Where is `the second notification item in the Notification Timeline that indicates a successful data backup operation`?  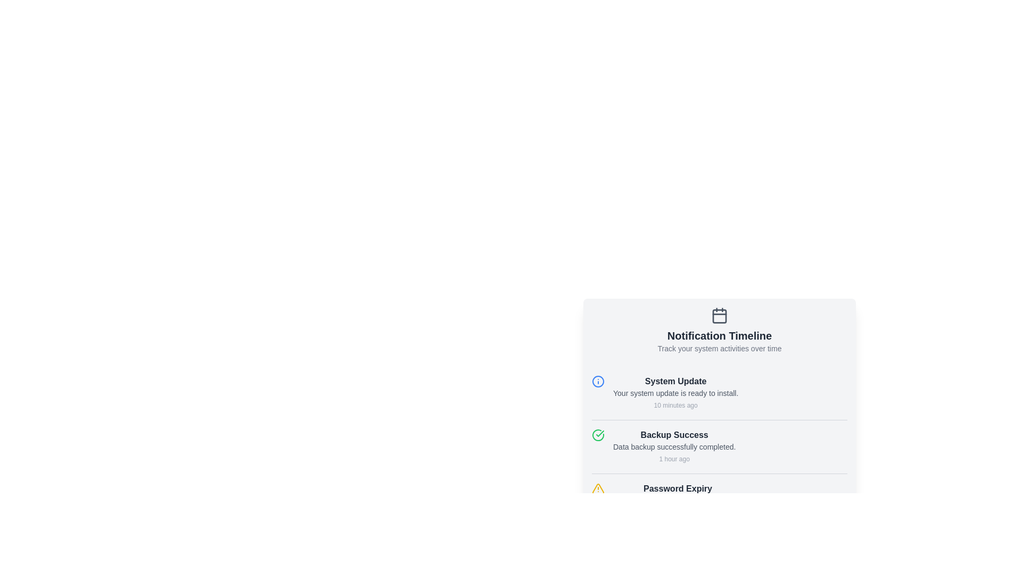
the second notification item in the Notification Timeline that indicates a successful data backup operation is located at coordinates (720, 446).